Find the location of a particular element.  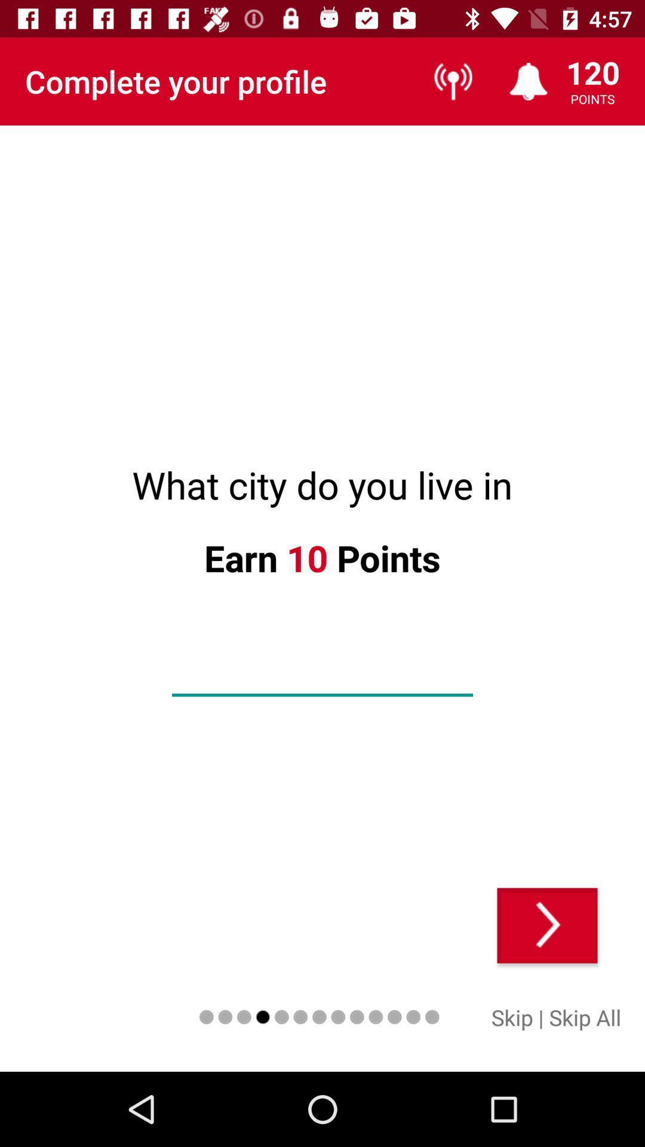

the icon to the right of the  |  item is located at coordinates (584, 1017).